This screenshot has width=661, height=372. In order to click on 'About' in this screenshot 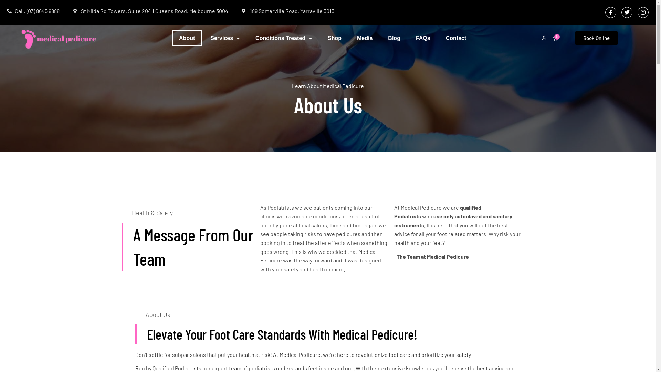, I will do `click(187, 38)`.